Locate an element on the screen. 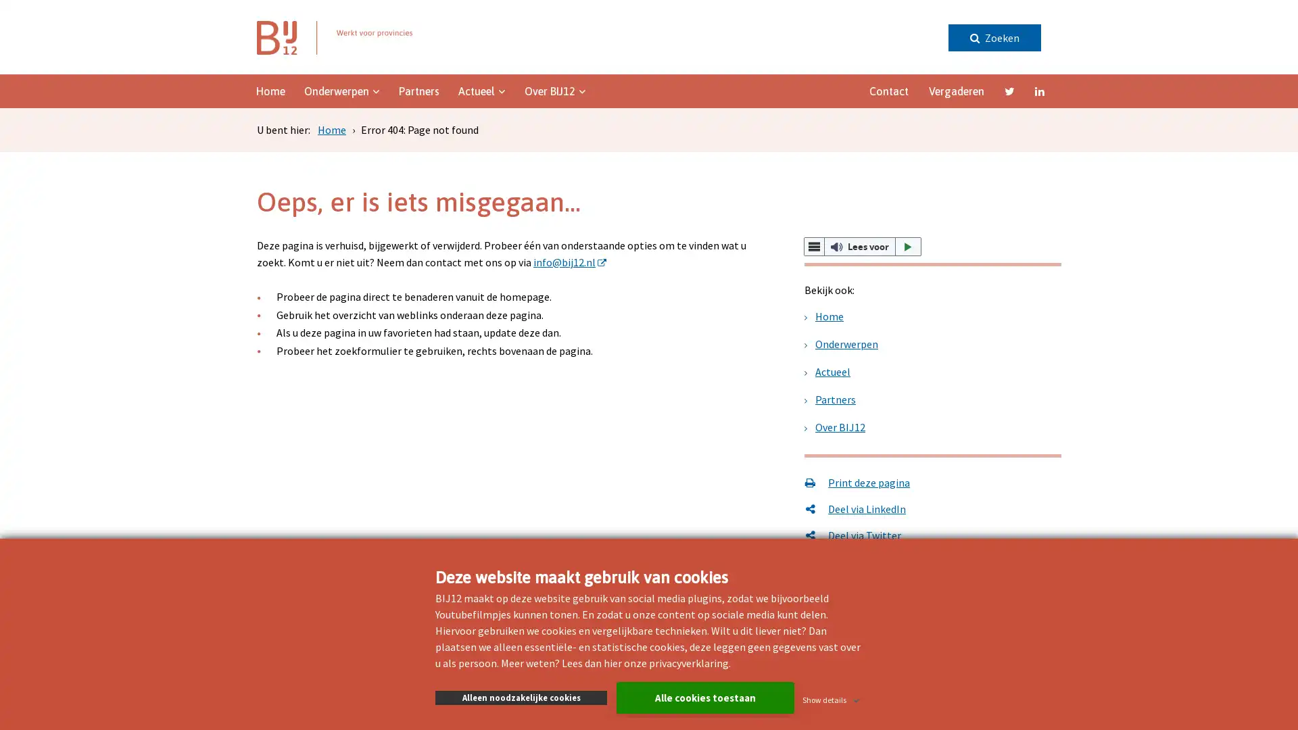 The width and height of the screenshot is (1298, 730). ReadSpeaker webReader: Luister met webReader is located at coordinates (862, 247).